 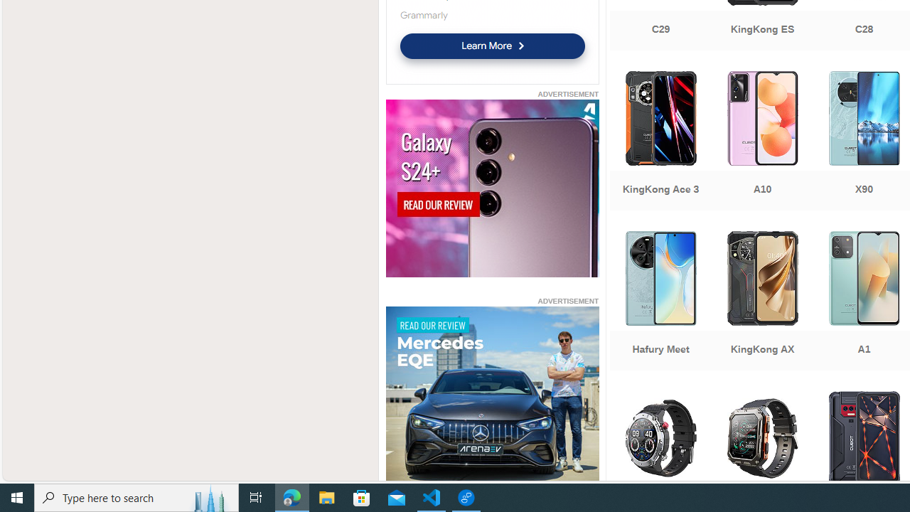 I want to click on 'KingKong AX', so click(x=761, y=302).